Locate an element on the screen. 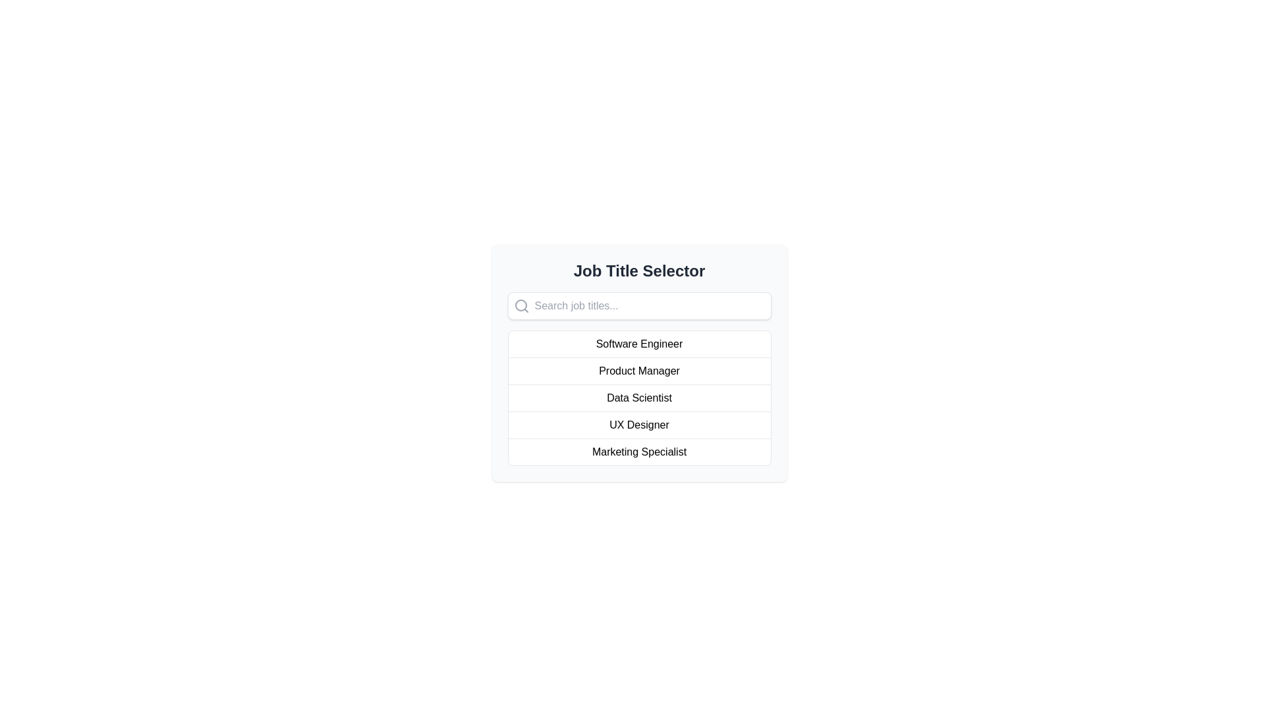 The height and width of the screenshot is (711, 1265). the 'Data Scientist' option in the selectable list item component, which is the third item in a vertical list of five options is located at coordinates (639, 397).